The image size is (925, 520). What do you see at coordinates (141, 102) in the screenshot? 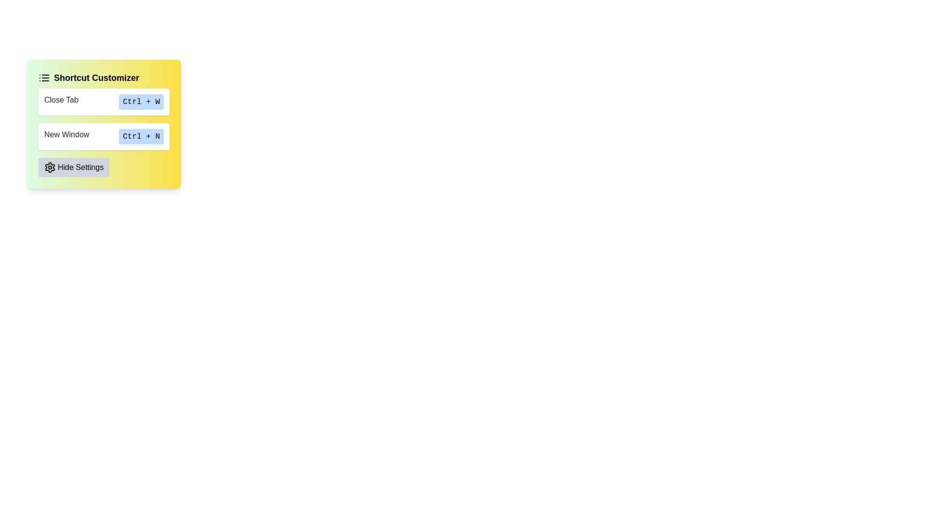
I see `the rectangular button-like component with rounded corners and light blue background that contains the text 'Ctrl + W'` at bounding box center [141, 102].